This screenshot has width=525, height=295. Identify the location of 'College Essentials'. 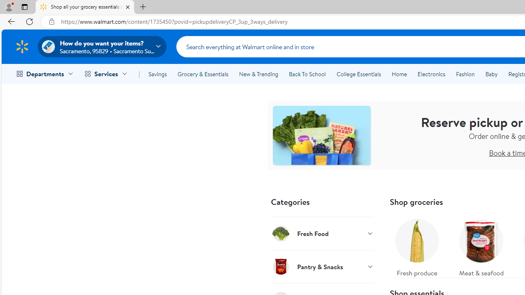
(358, 74).